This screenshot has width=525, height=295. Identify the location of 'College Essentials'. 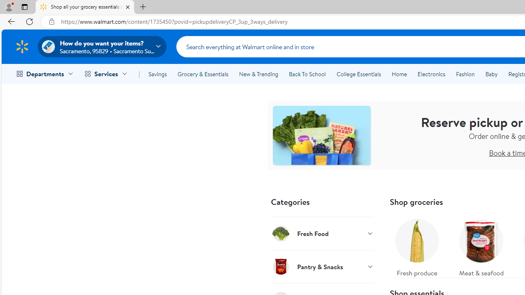
(358, 74).